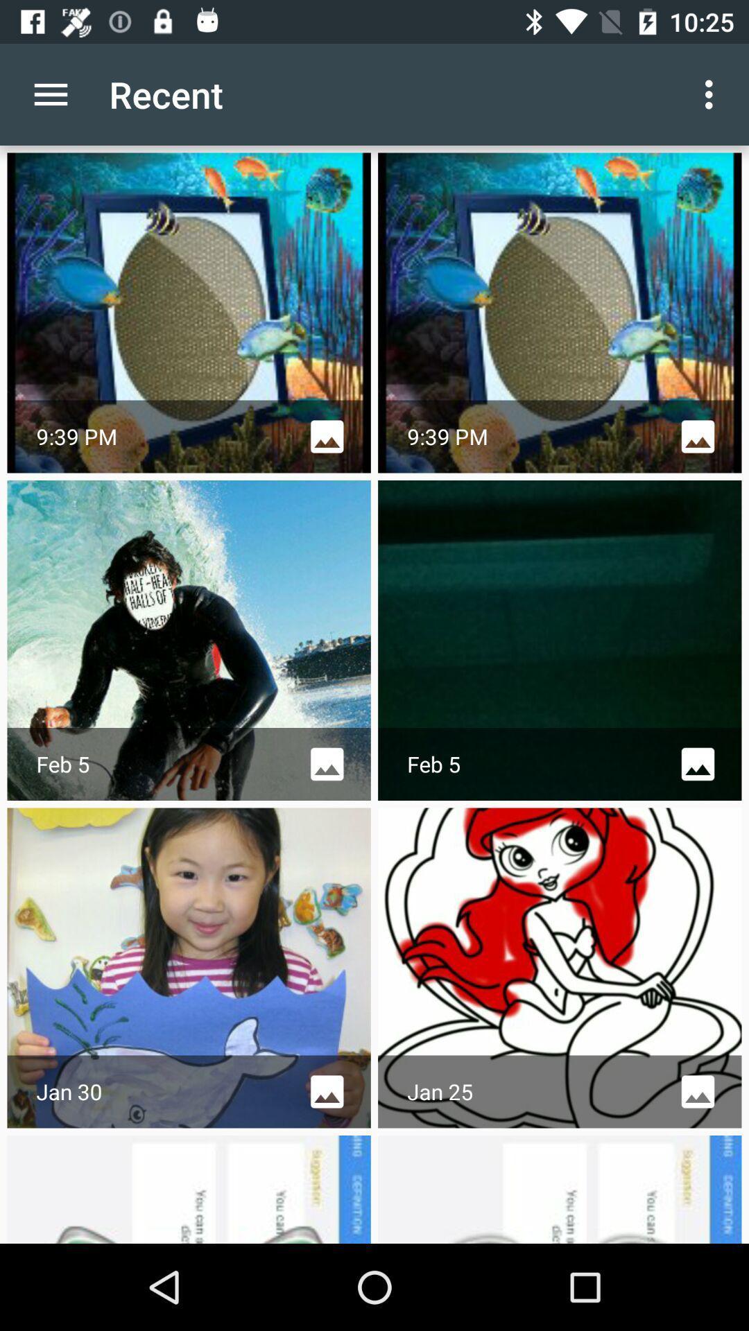 Image resolution: width=749 pixels, height=1331 pixels. I want to click on the image located at top right corner, so click(559, 312).